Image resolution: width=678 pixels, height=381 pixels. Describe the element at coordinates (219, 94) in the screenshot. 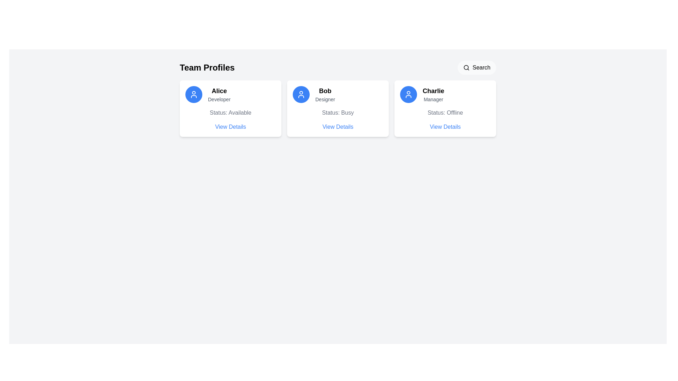

I see `the textual display component that identifies the person represented in the profile card, located in the upper-left section of the interface, below the user icon and above the status text` at that location.